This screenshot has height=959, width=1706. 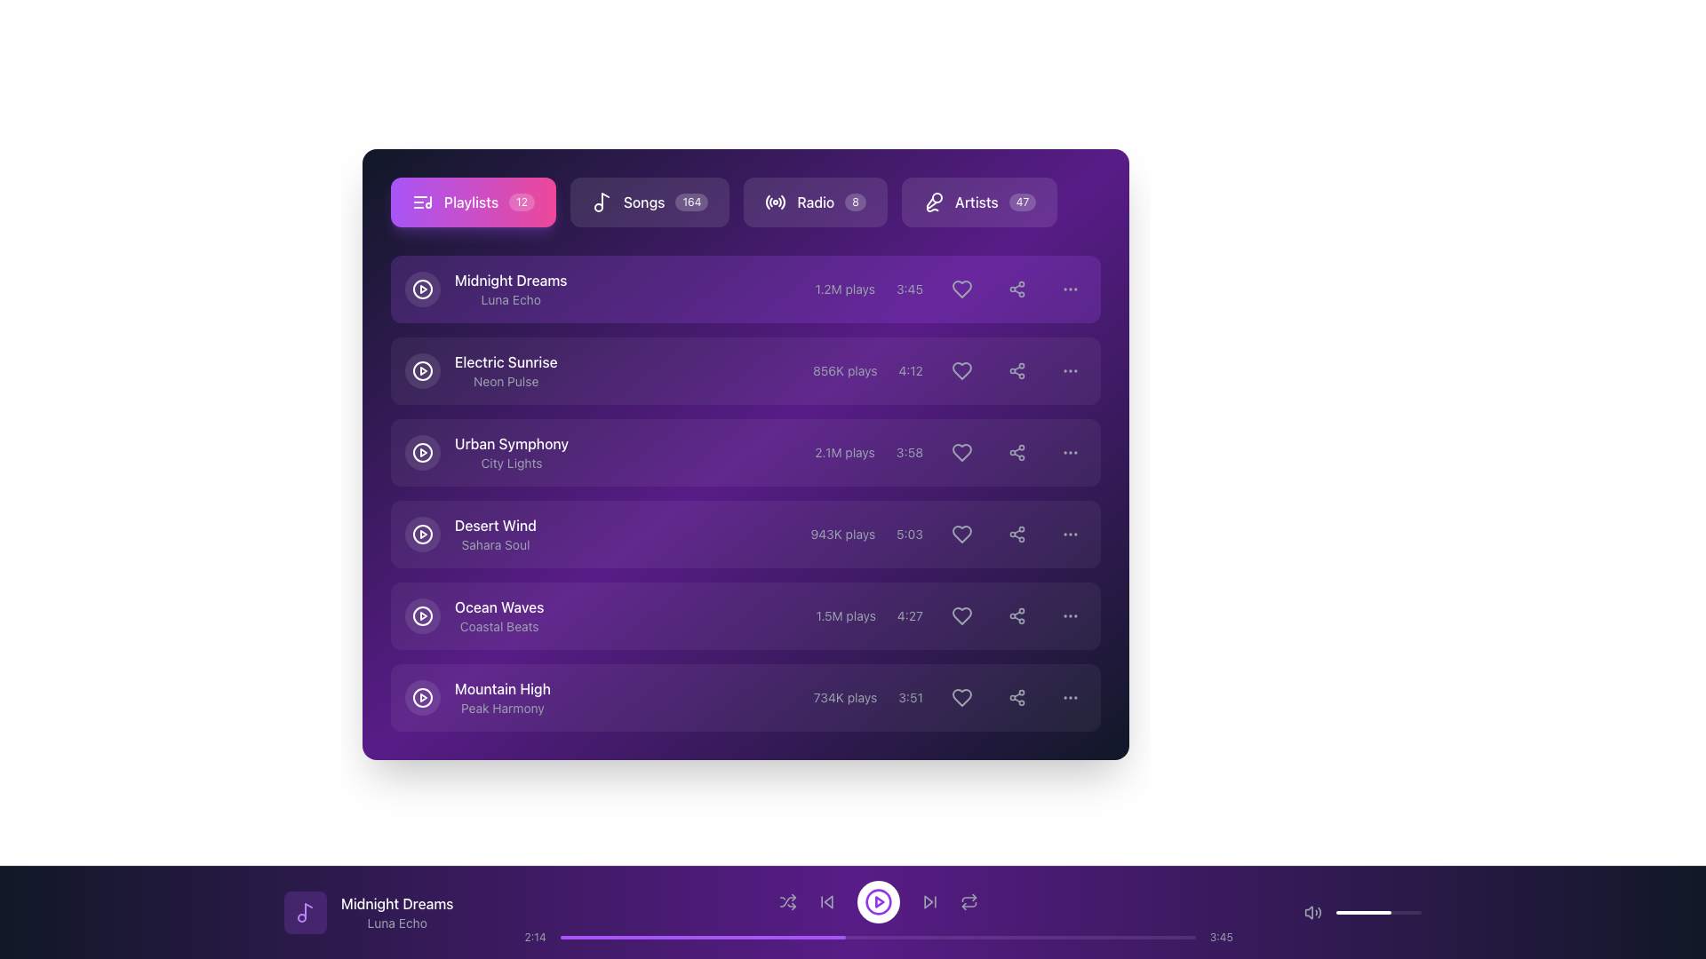 What do you see at coordinates (1017, 697) in the screenshot?
I see `the share icon button located in the row for the song 'Mountain High' in the playlist interface` at bounding box center [1017, 697].